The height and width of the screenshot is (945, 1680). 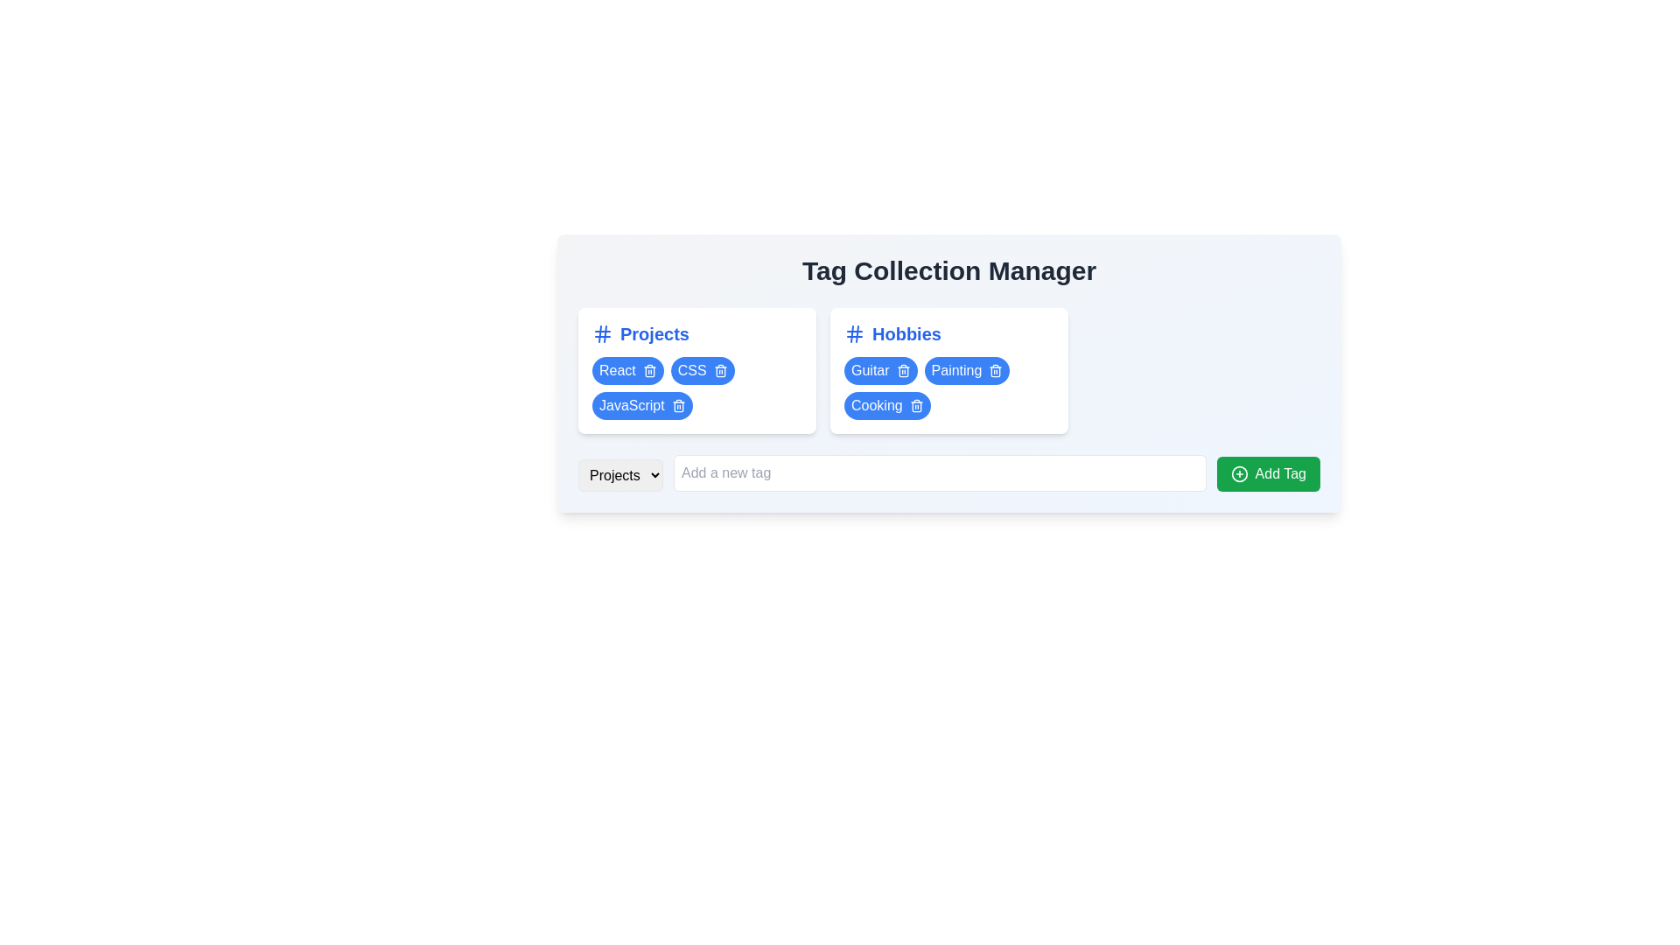 What do you see at coordinates (903, 370) in the screenshot?
I see `the trash bin icon button located on the right side inside the 'Guitar' tag within the 'Hobbies' section` at bounding box center [903, 370].